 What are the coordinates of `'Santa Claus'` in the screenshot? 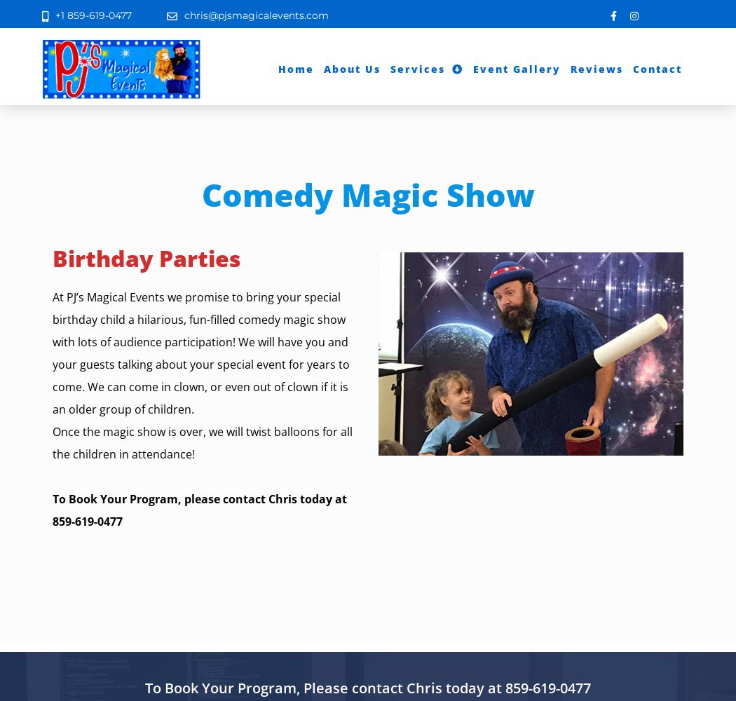 It's located at (430, 184).